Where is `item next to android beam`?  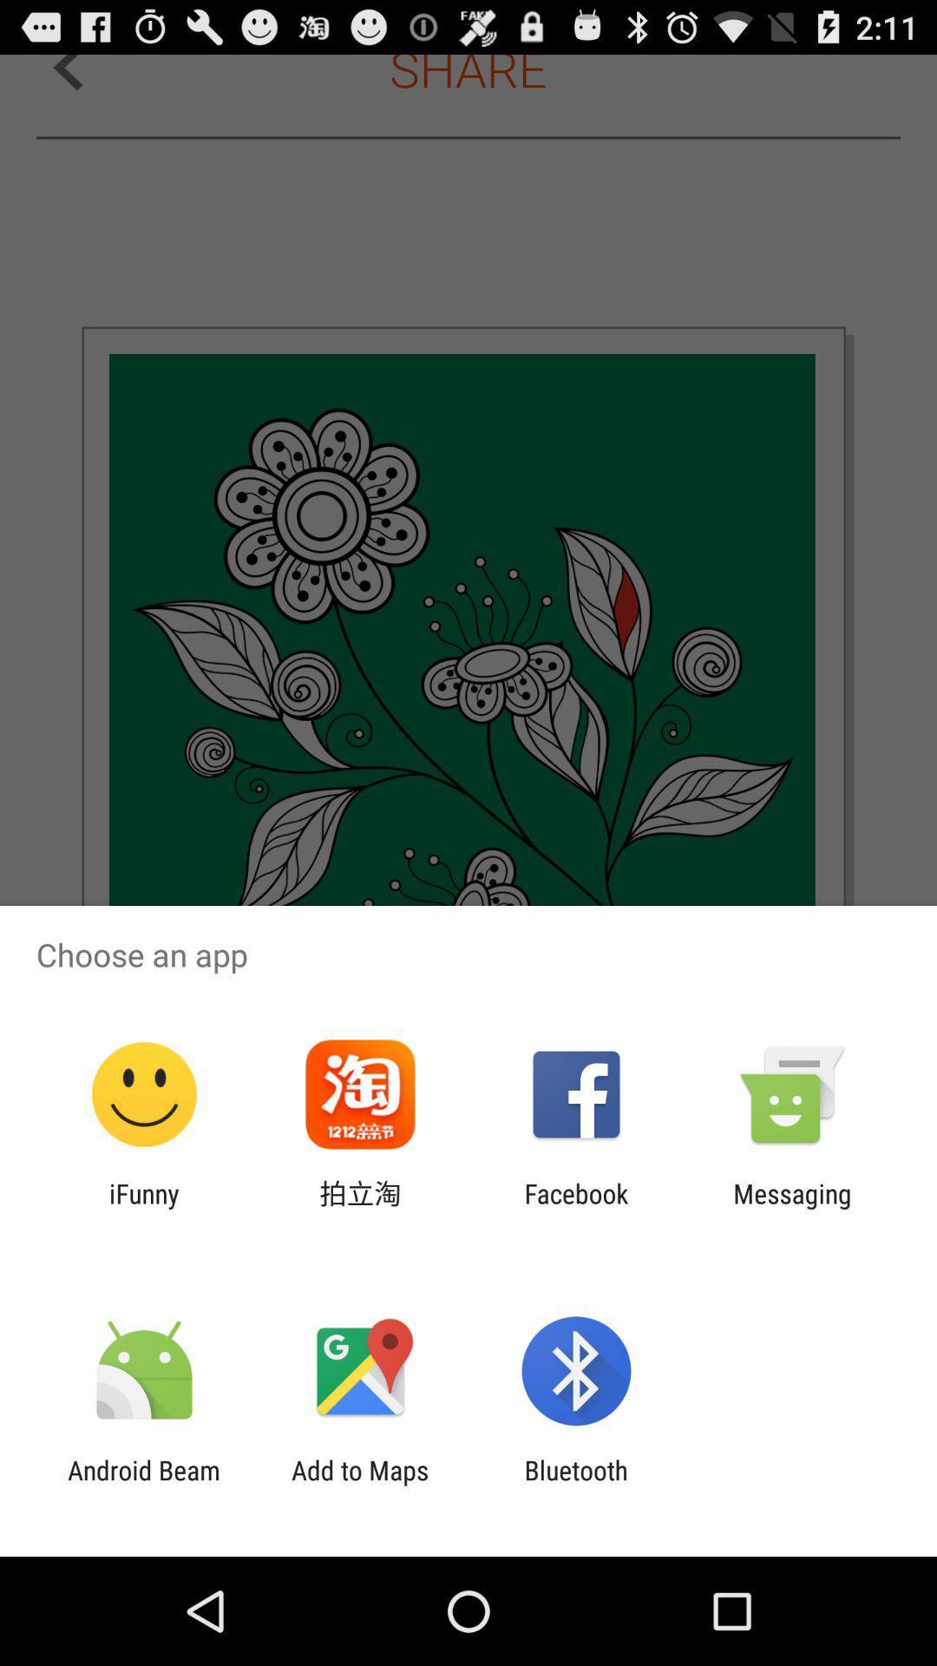
item next to android beam is located at coordinates (359, 1485).